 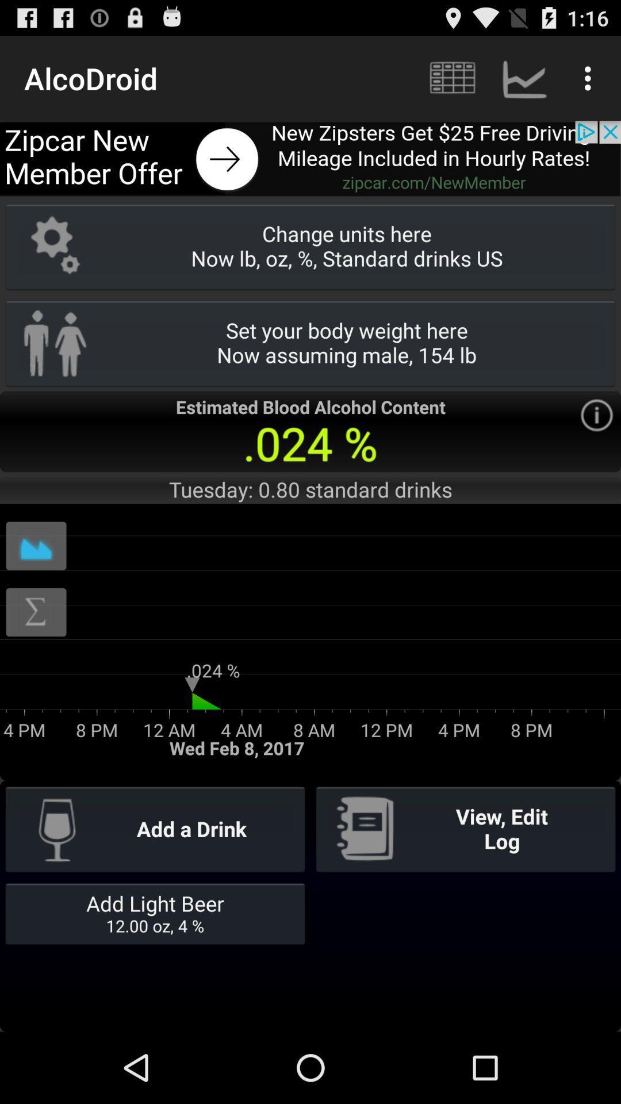 I want to click on info button, so click(x=596, y=415).